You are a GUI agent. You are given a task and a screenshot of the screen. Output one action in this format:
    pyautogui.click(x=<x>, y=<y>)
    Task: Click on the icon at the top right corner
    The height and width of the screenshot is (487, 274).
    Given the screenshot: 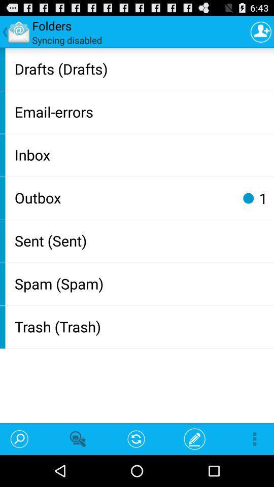 What is the action you would take?
    pyautogui.click(x=261, y=31)
    